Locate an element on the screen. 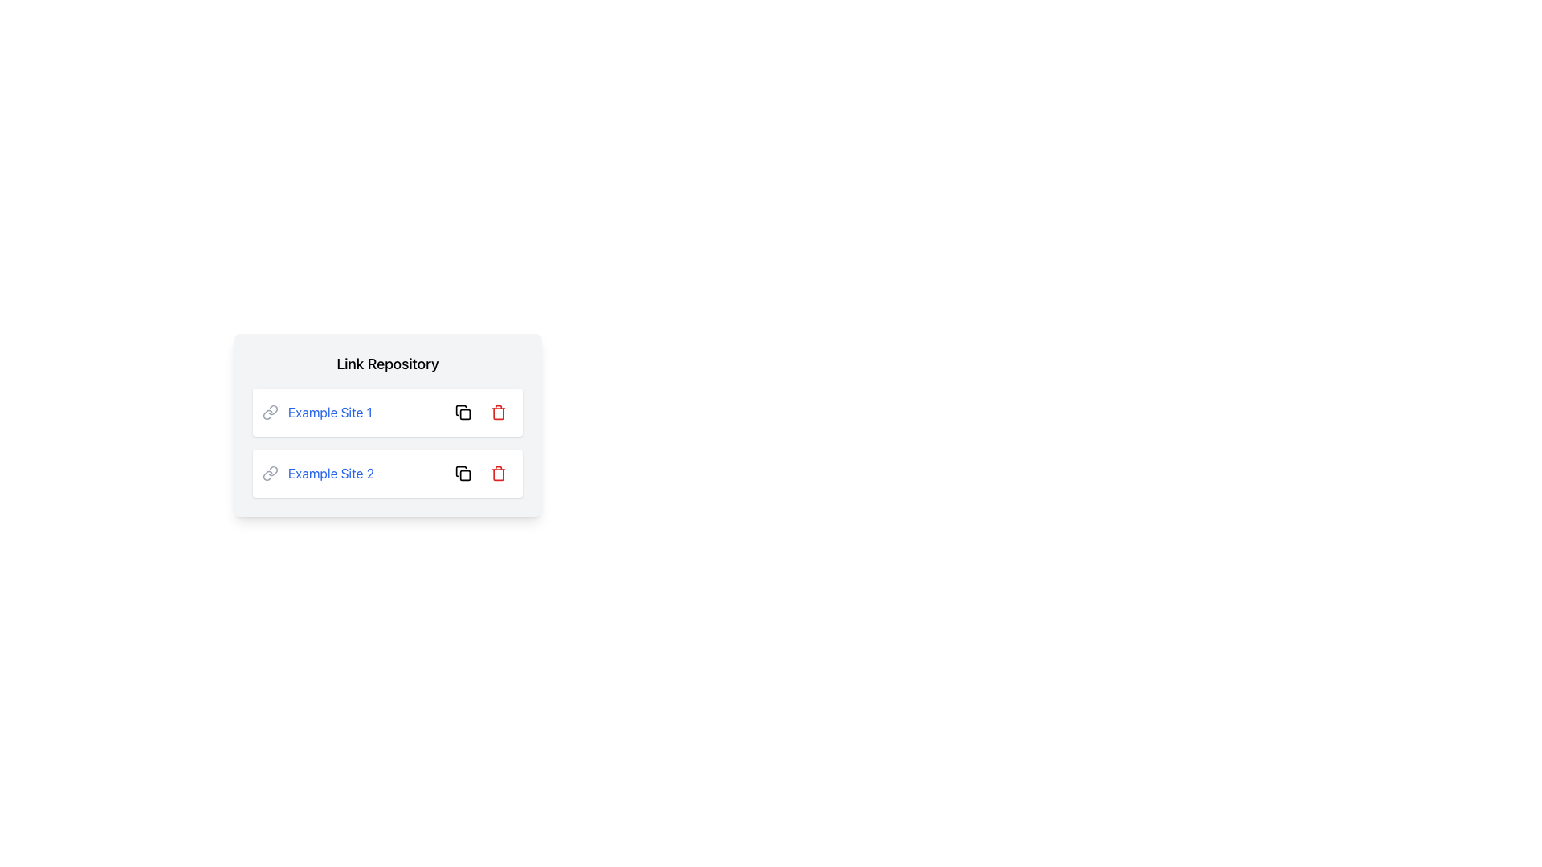 This screenshot has width=1542, height=867. the first list item in the link repository is located at coordinates (388, 411).